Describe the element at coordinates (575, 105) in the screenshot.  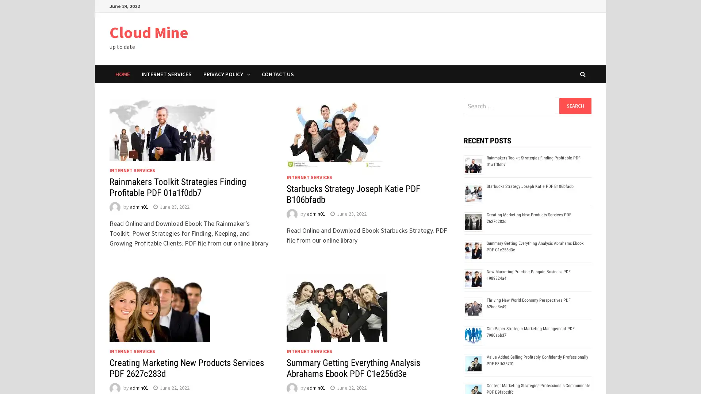
I see `Search` at that location.